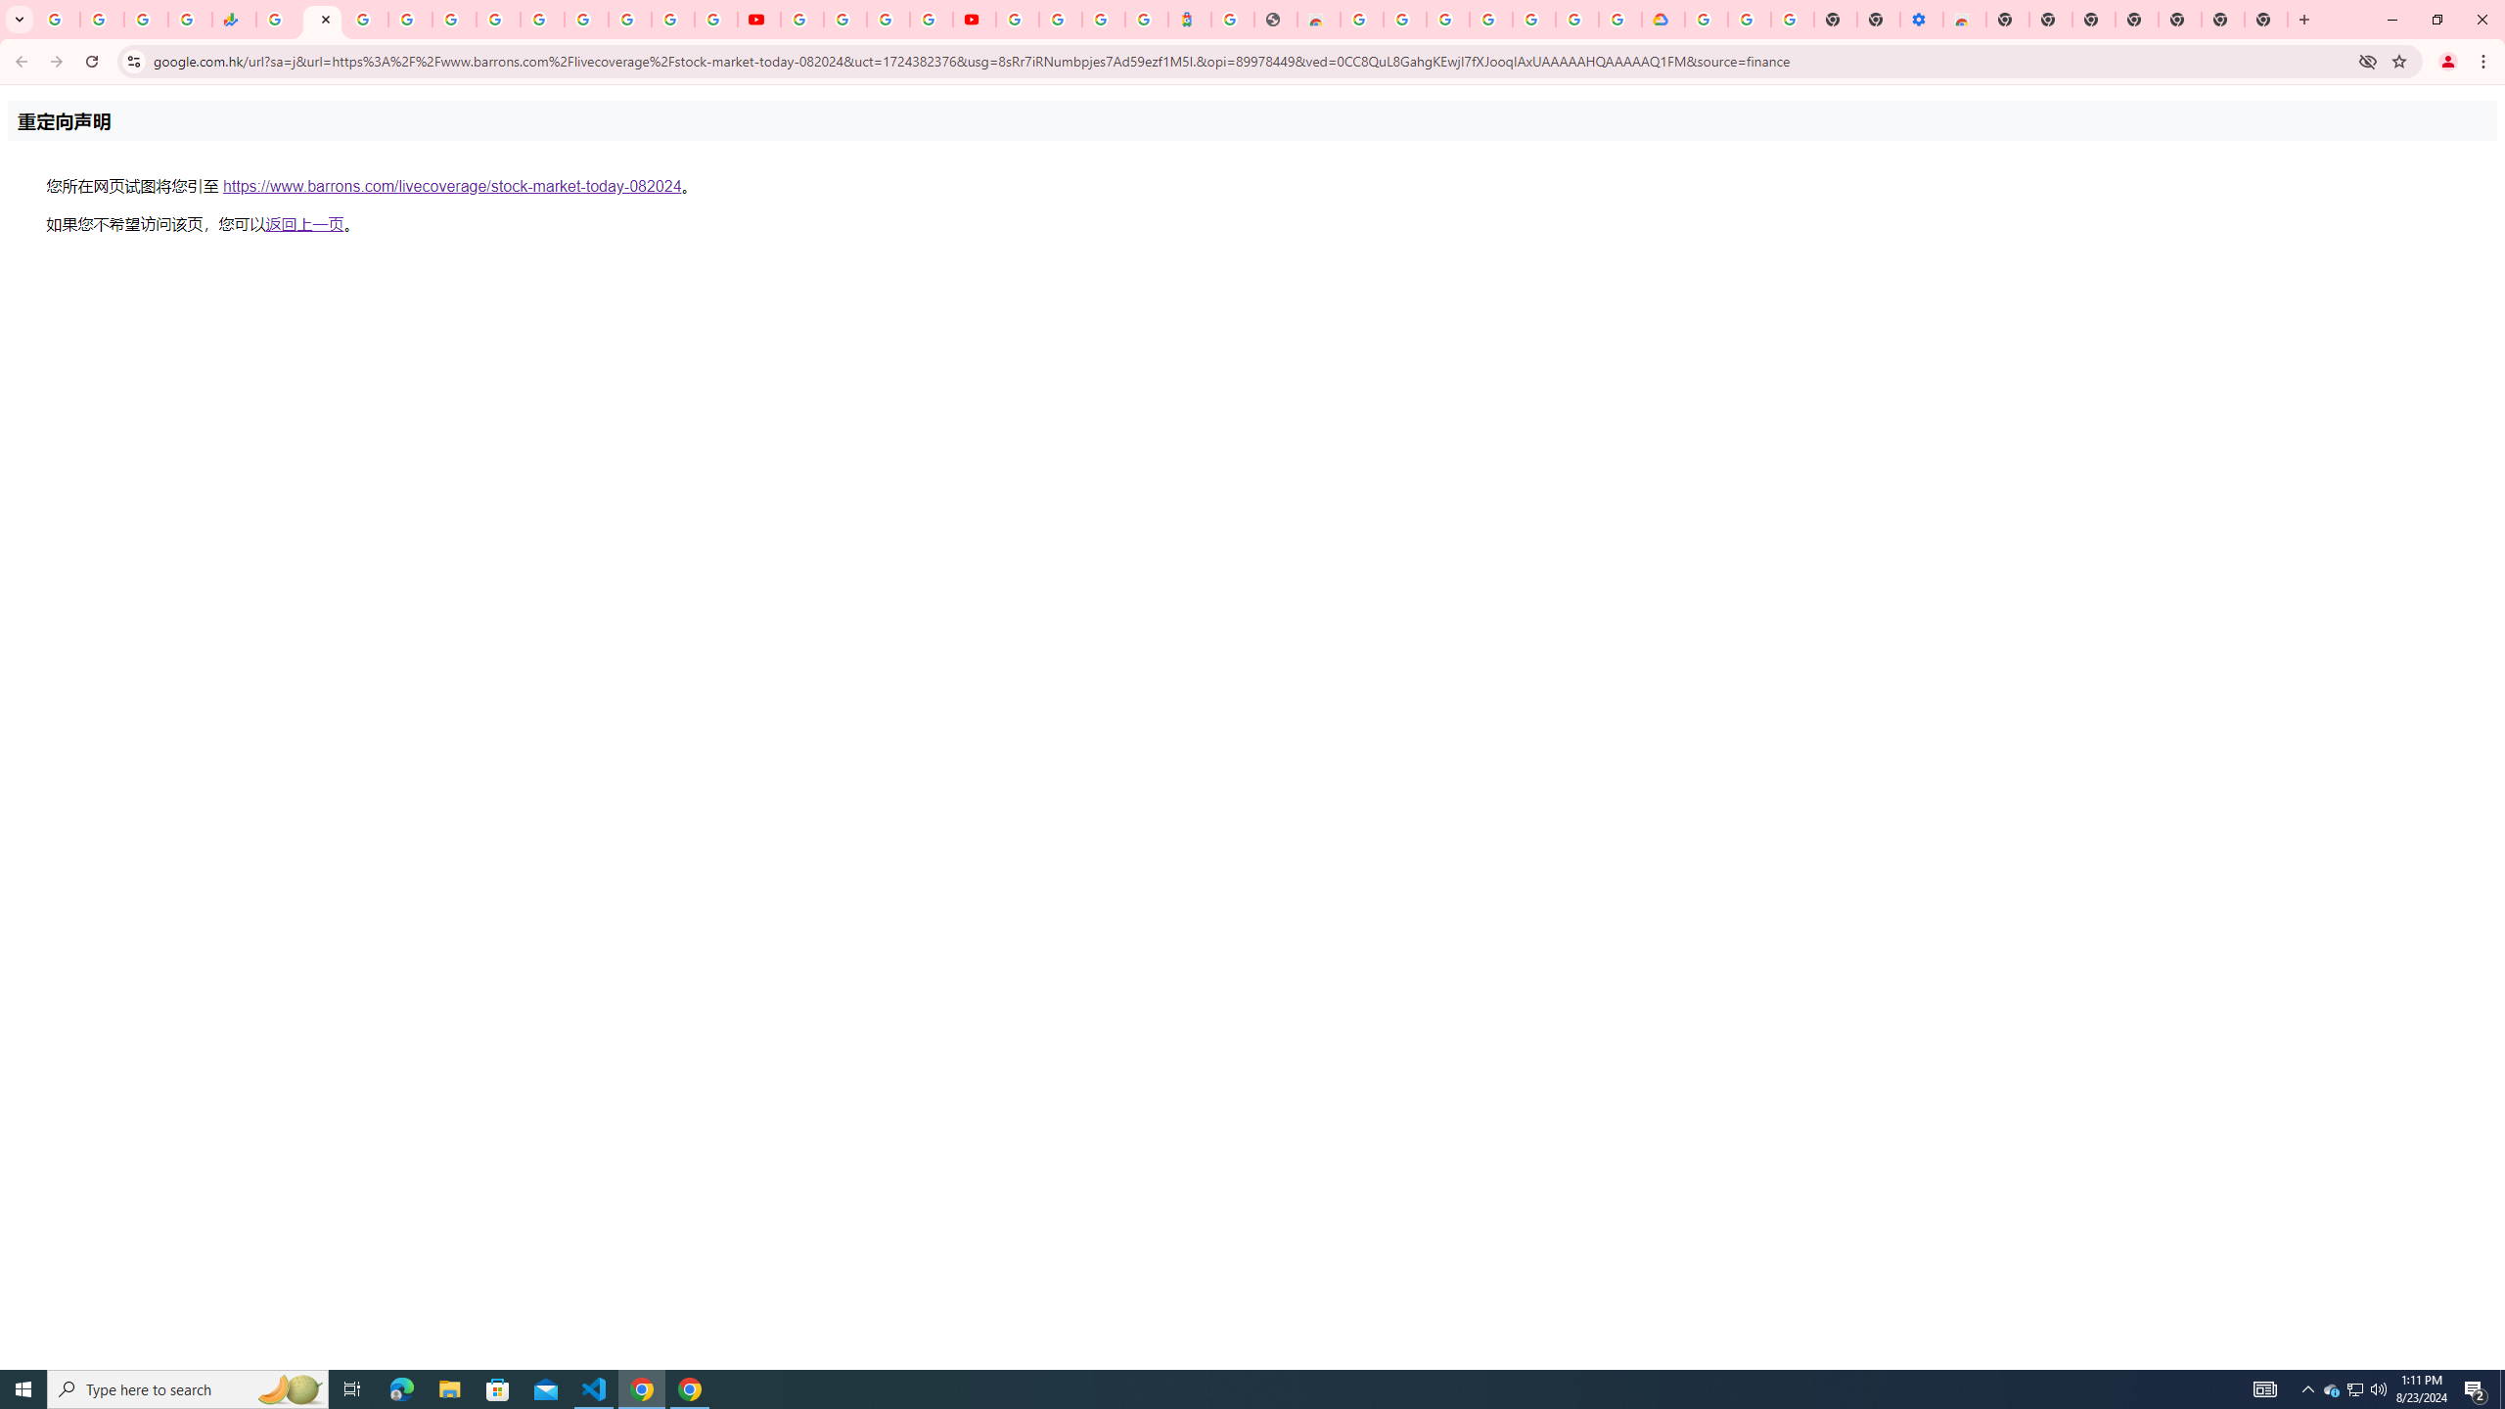 The height and width of the screenshot is (1409, 2505). I want to click on 'Turn cookies on or off - Computer - Google Account Help', so click(1792, 19).